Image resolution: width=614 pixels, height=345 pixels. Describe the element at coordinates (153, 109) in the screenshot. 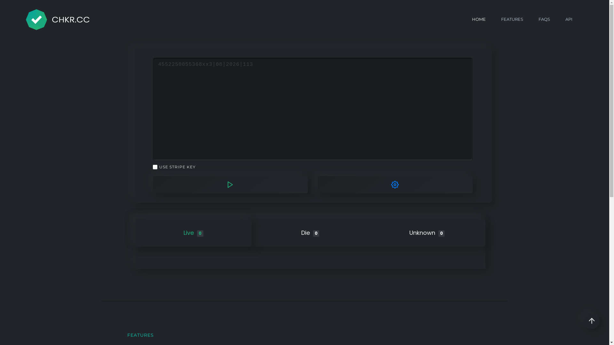

I see `'card'` at that location.